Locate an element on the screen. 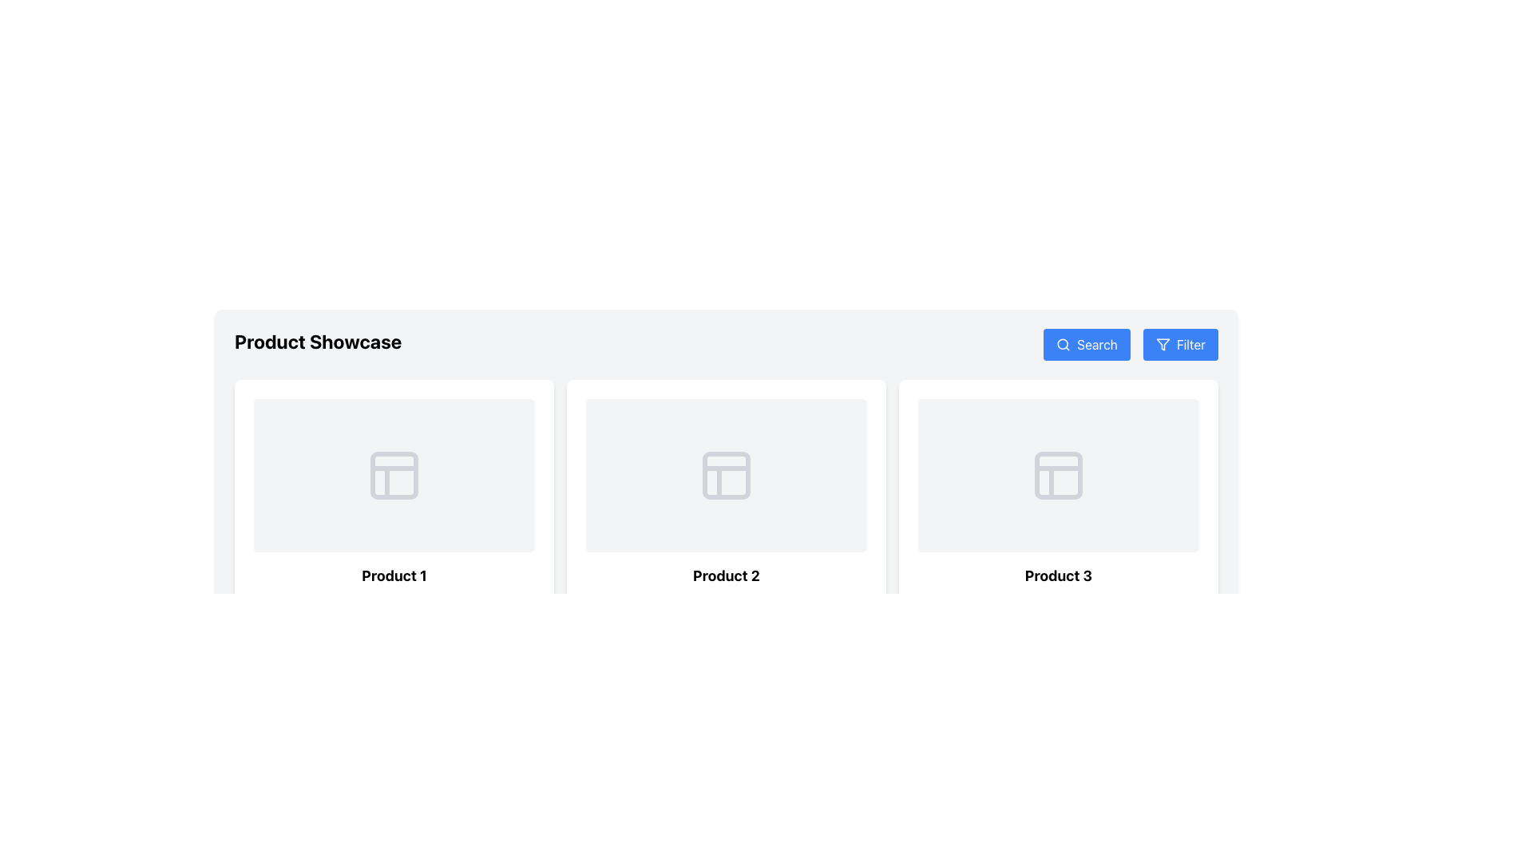 The image size is (1533, 862). the blue filter funnel icon embedded in the 'Filter' button located in the upper right corner of the interface as a visual indicator is located at coordinates (1163, 344).